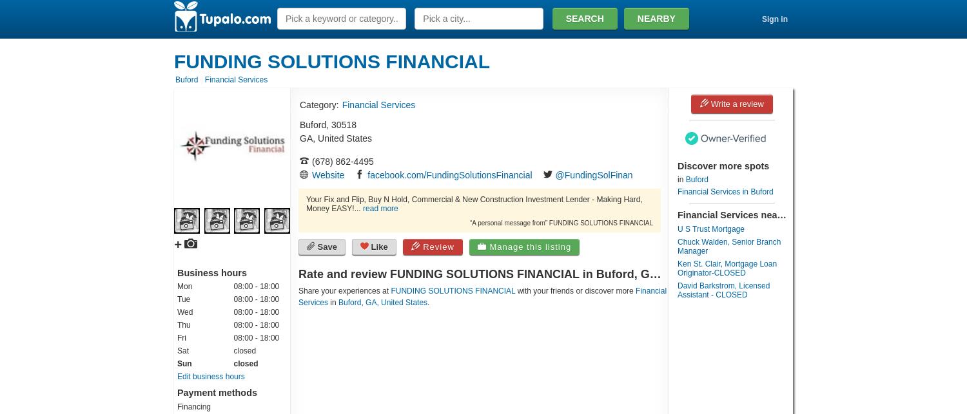 The height and width of the screenshot is (414, 967). Describe the element at coordinates (327, 174) in the screenshot. I see `'Website'` at that location.